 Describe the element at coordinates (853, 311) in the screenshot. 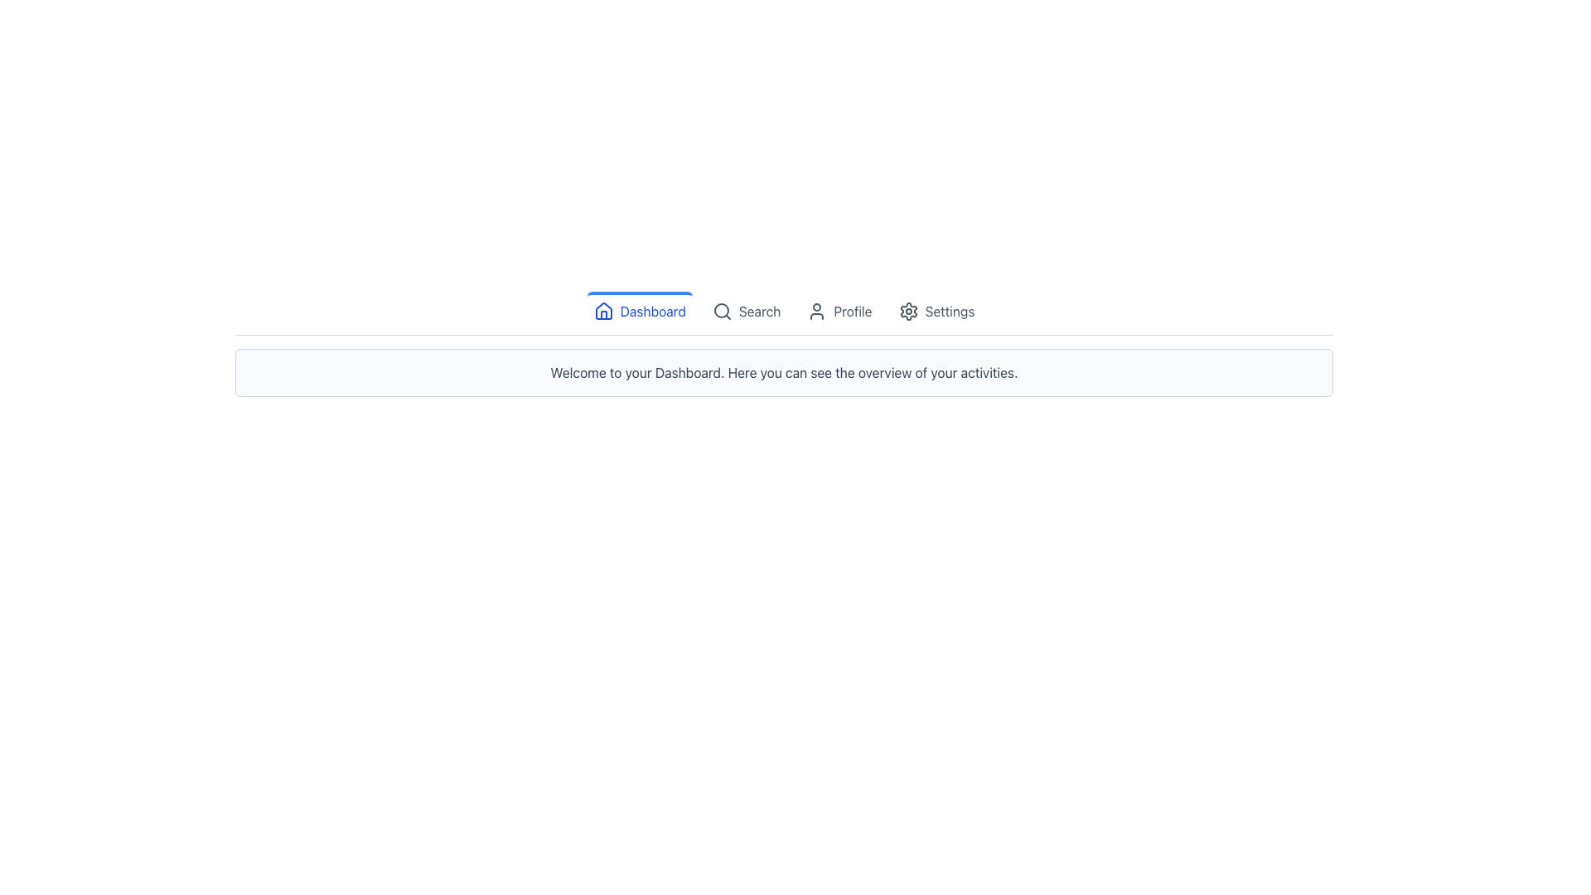

I see `'Profile' text label located in the navigation bar, which is styled in gray and is the third item between 'Search' and 'Settings'` at that location.